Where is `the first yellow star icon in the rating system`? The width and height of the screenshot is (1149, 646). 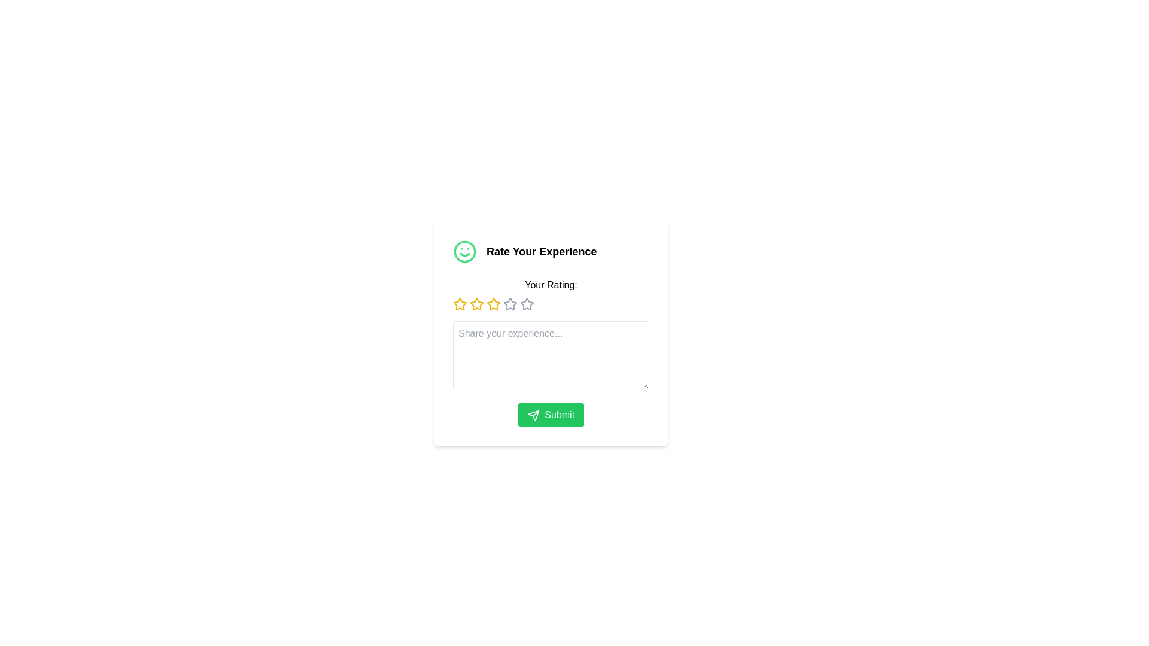
the first yellow star icon in the rating system is located at coordinates (459, 304).